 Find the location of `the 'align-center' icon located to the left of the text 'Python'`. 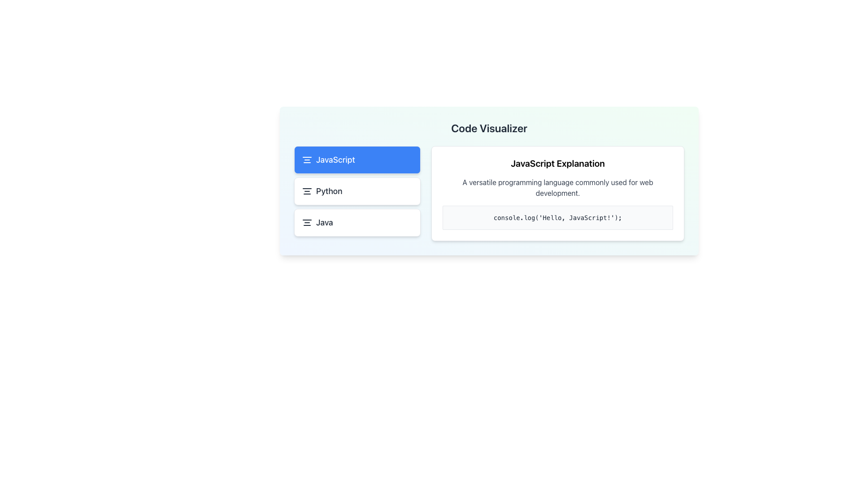

the 'align-center' icon located to the left of the text 'Python' is located at coordinates (307, 191).